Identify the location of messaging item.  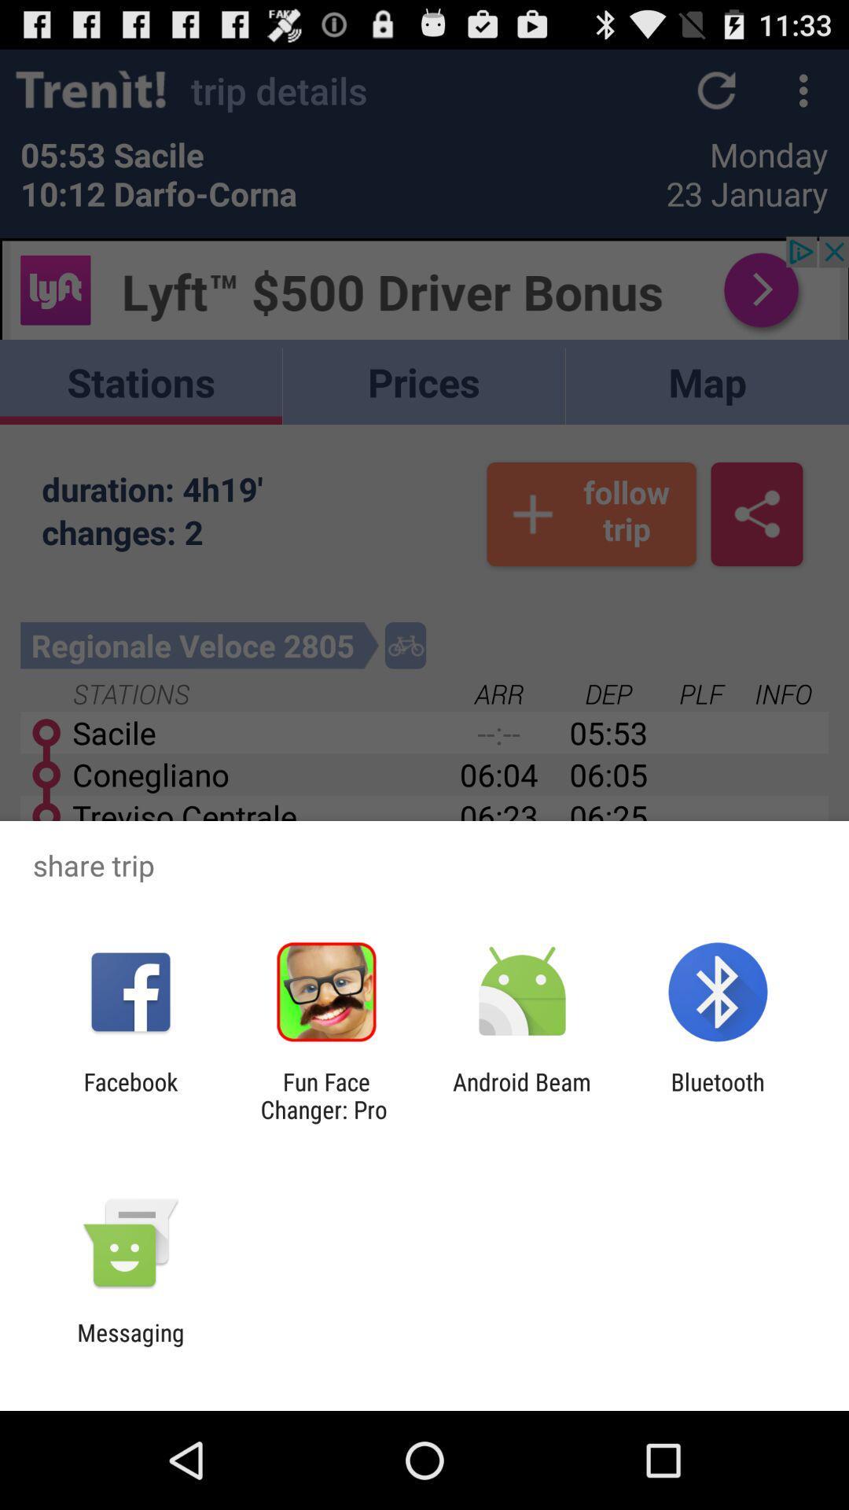
(130, 1346).